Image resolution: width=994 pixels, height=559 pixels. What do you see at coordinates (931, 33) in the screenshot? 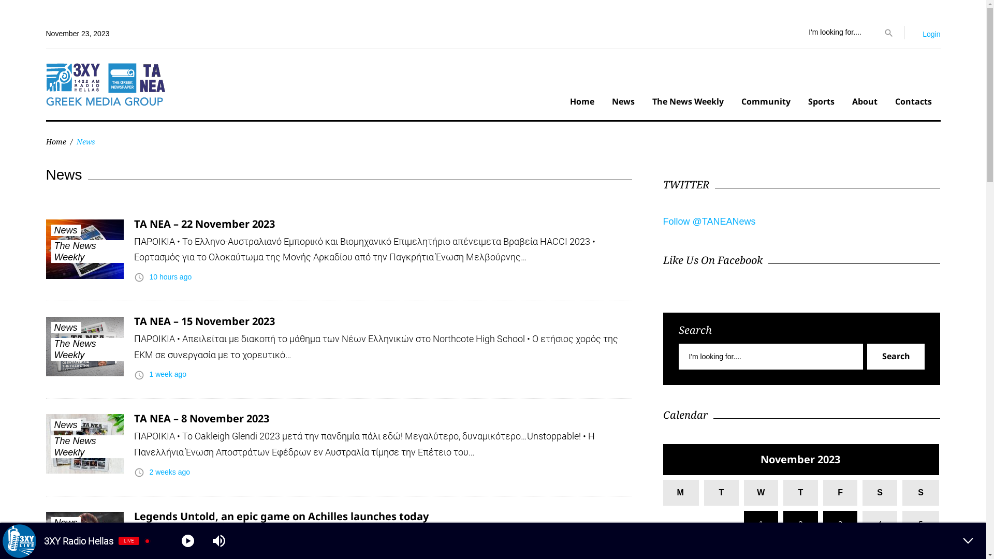
I see `'Login'` at bounding box center [931, 33].